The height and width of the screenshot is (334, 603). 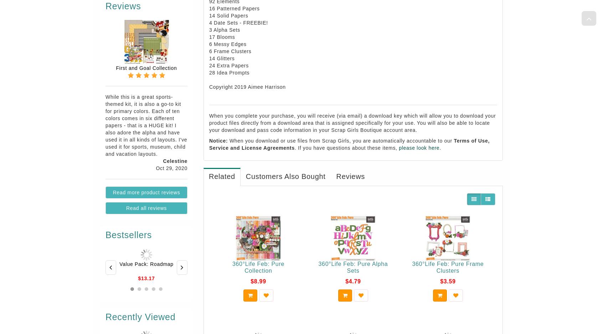 I want to click on '.', so click(x=440, y=147).